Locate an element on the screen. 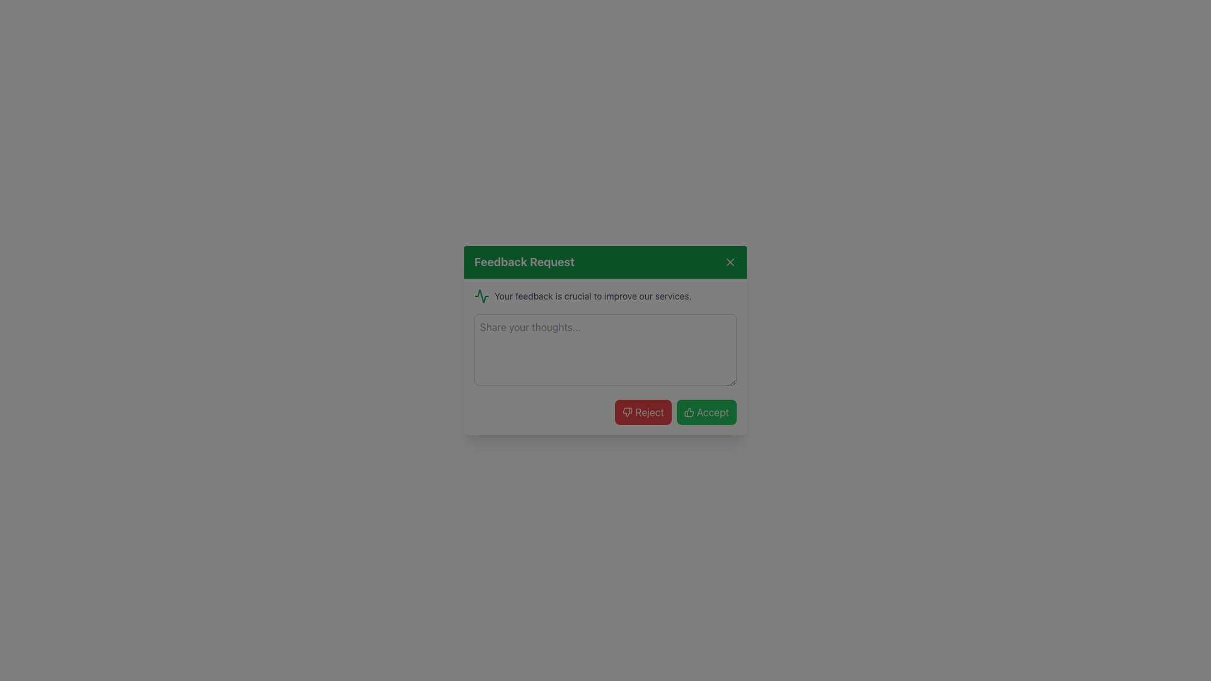 The height and width of the screenshot is (681, 1211). the 'Reject' button which contains the 'thumbs down' icon, located at the bottom left corner of the modal dialog is located at coordinates (628, 412).